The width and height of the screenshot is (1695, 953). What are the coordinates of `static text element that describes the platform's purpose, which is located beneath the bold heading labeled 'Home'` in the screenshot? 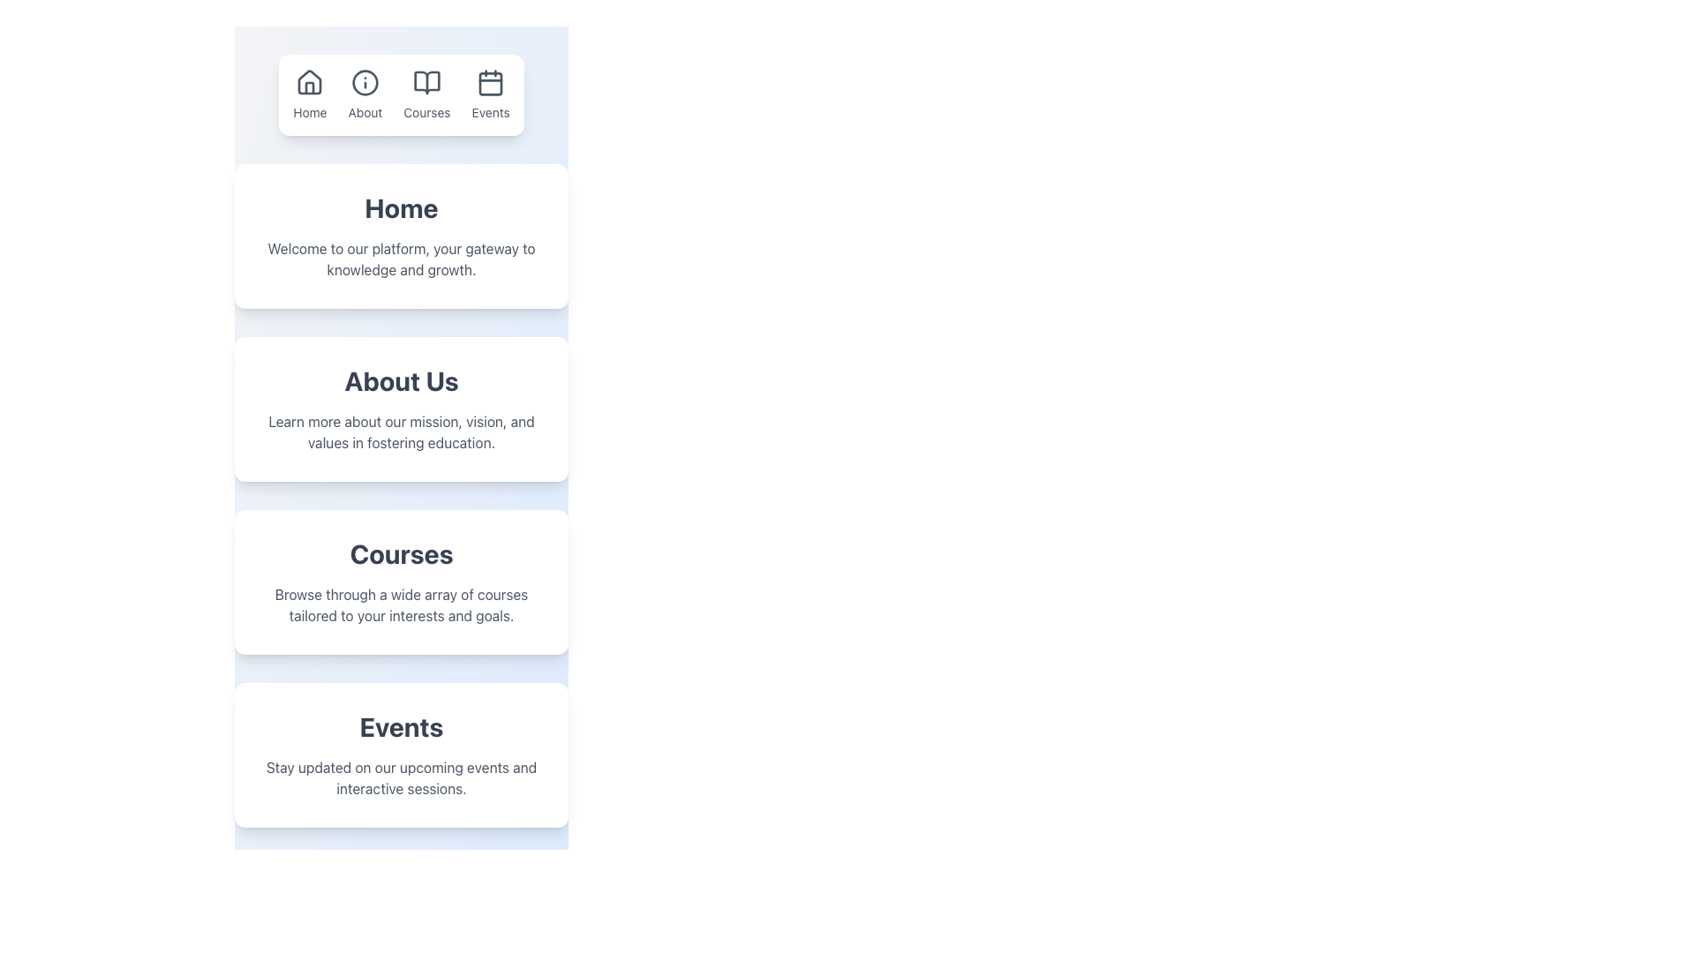 It's located at (401, 259).